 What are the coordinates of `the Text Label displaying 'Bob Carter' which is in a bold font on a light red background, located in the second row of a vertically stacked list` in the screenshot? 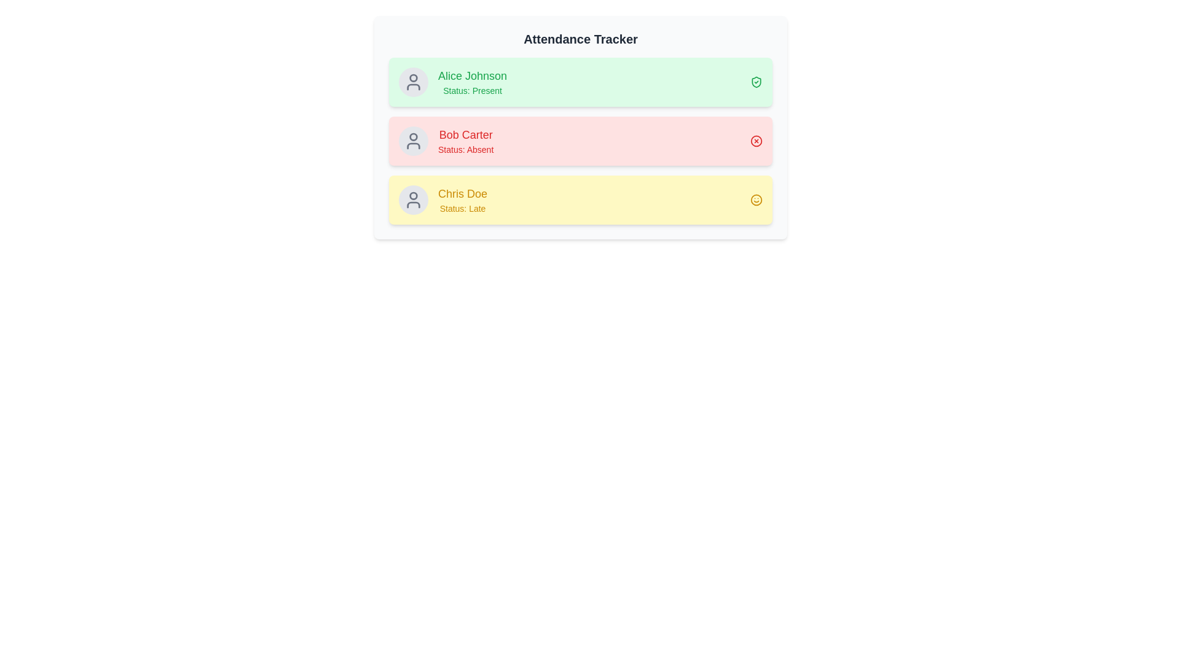 It's located at (465, 134).